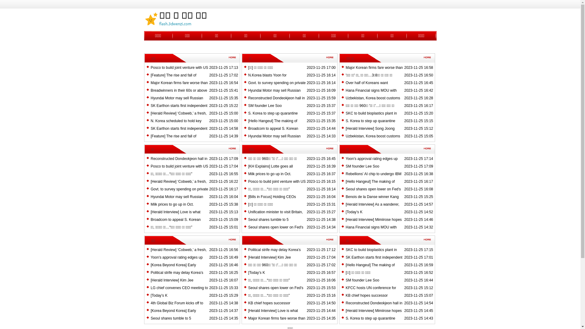 This screenshot has height=329, width=585. Describe the element at coordinates (179, 71) in the screenshot. I see `'Posco to build joint venture with US grain company'` at that location.